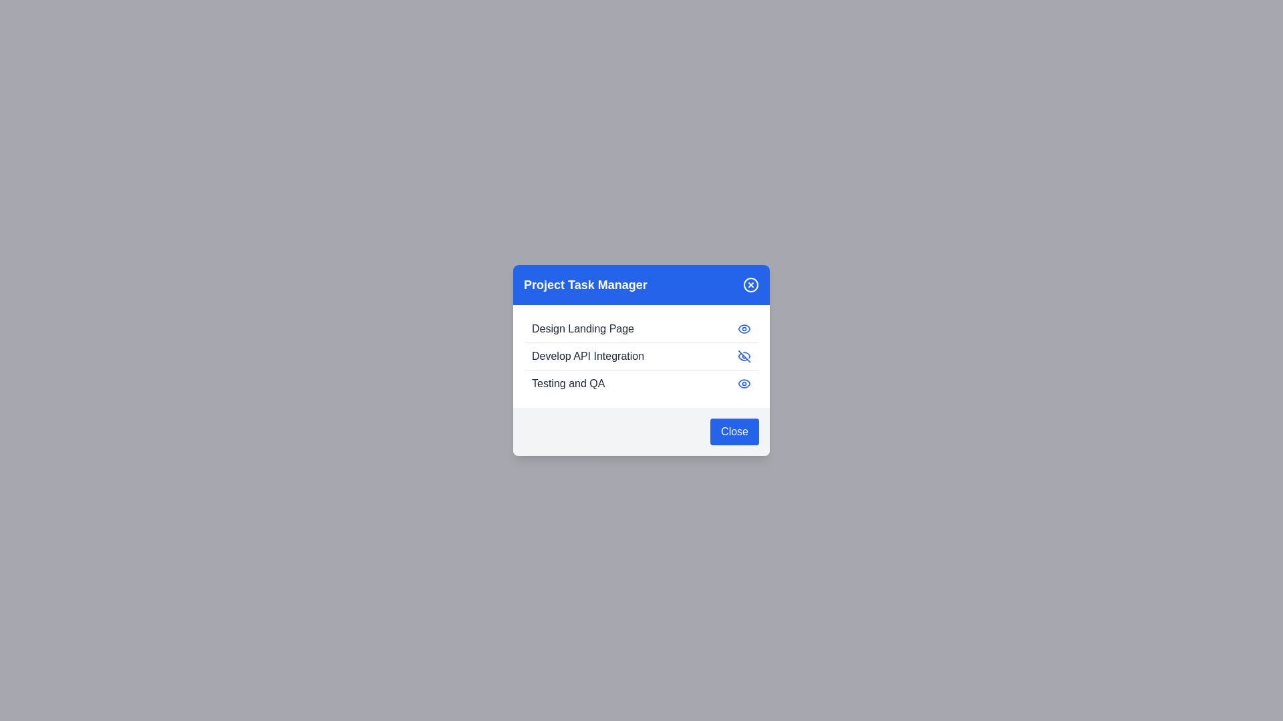 This screenshot has width=1283, height=721. Describe the element at coordinates (734, 432) in the screenshot. I see `the Close Button to close the dialog` at that location.